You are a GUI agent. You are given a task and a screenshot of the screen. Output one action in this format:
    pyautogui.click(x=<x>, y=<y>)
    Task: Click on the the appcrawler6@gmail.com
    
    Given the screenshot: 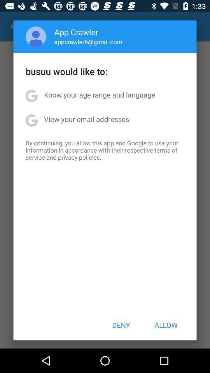 What is the action you would take?
    pyautogui.click(x=88, y=42)
    